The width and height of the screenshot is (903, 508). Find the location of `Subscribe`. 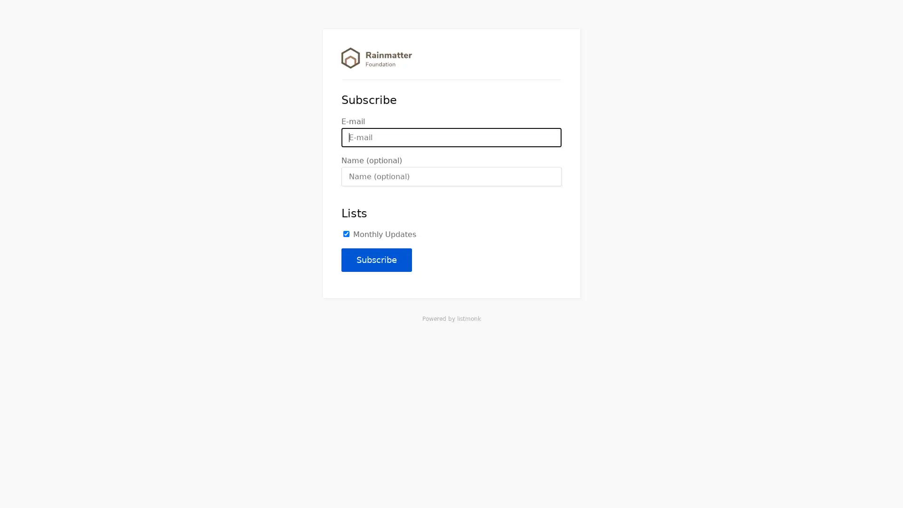

Subscribe is located at coordinates (377, 260).